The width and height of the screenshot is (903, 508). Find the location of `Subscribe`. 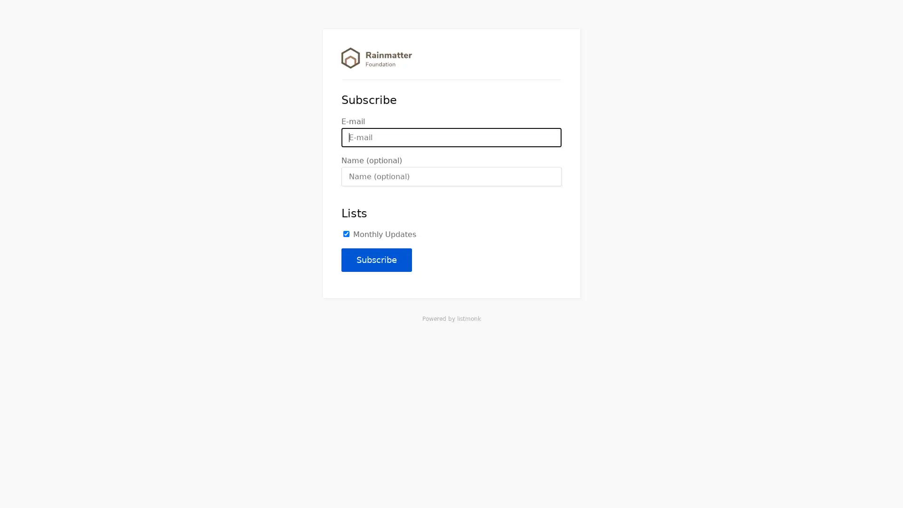

Subscribe is located at coordinates (377, 260).